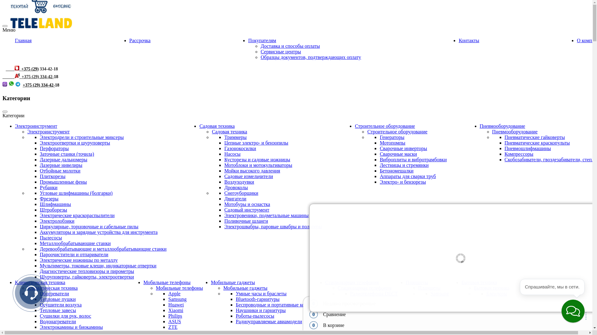 Image resolution: width=597 pixels, height=335 pixels. I want to click on '+375 (29) 334-42-', so click(37, 76).